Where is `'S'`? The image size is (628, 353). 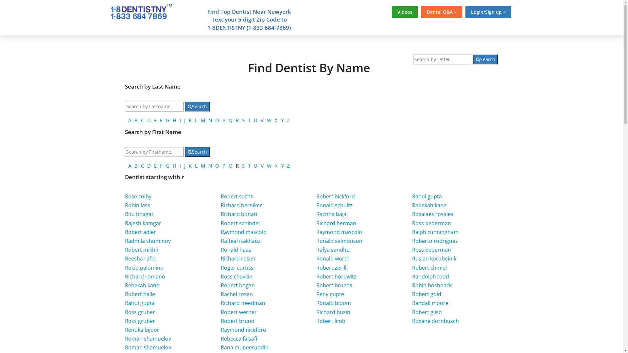
'S' is located at coordinates (243, 165).